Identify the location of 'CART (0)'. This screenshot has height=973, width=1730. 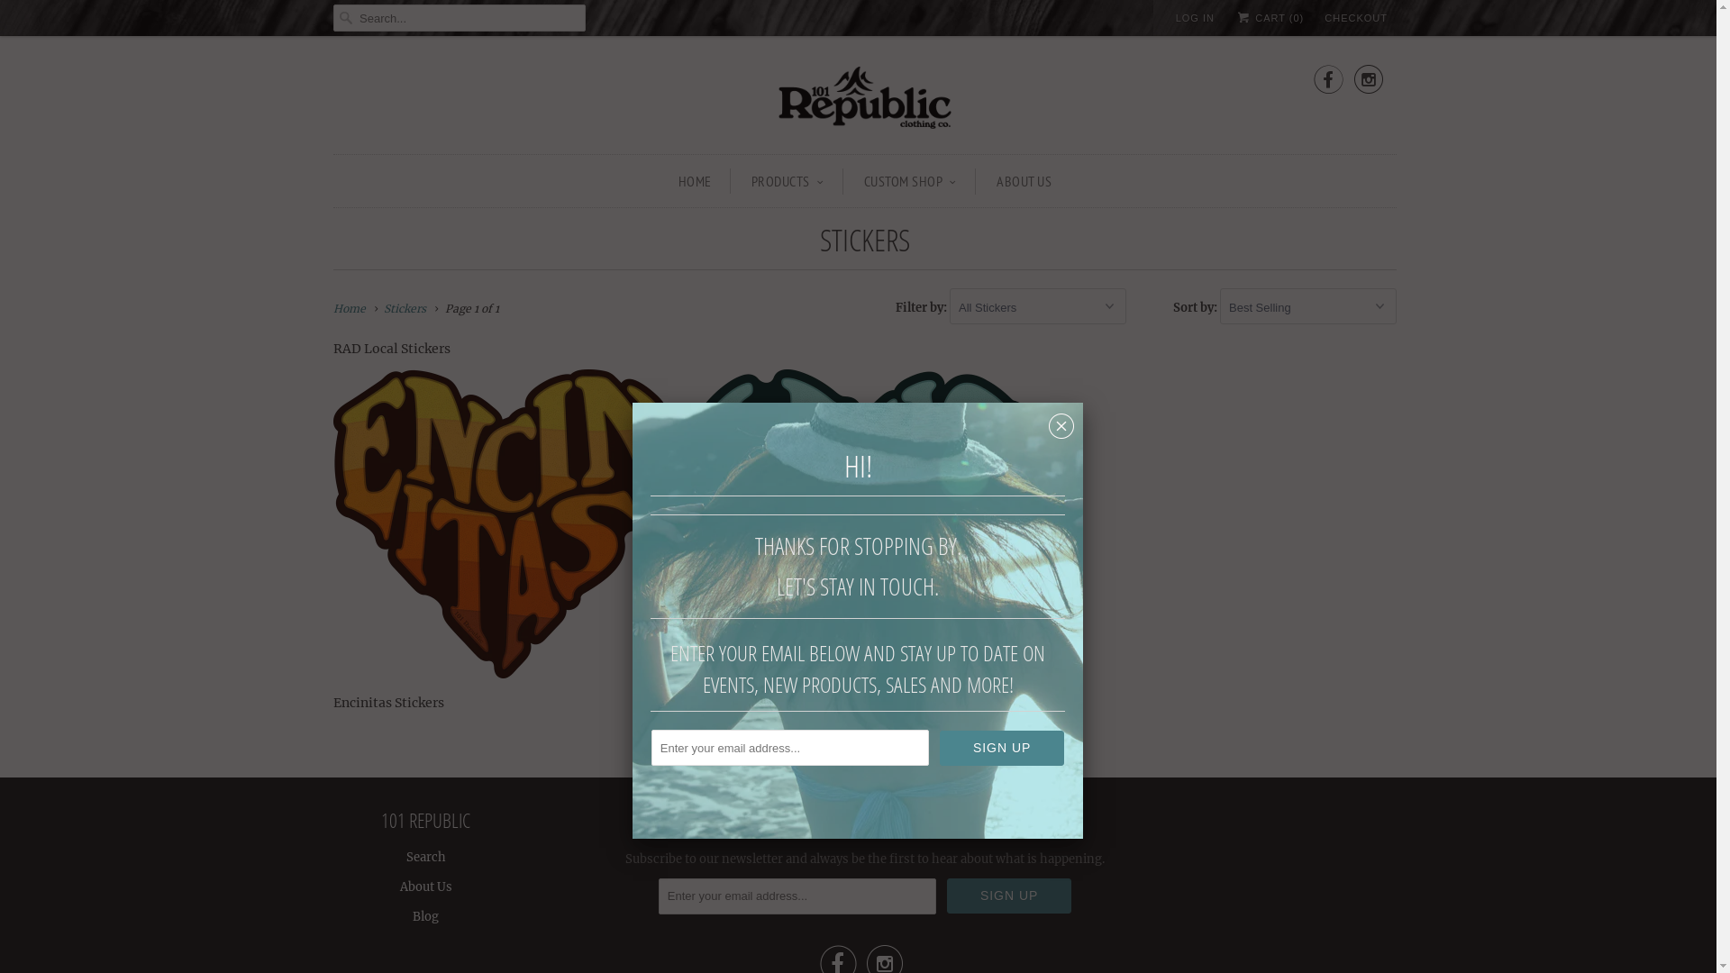
(1269, 17).